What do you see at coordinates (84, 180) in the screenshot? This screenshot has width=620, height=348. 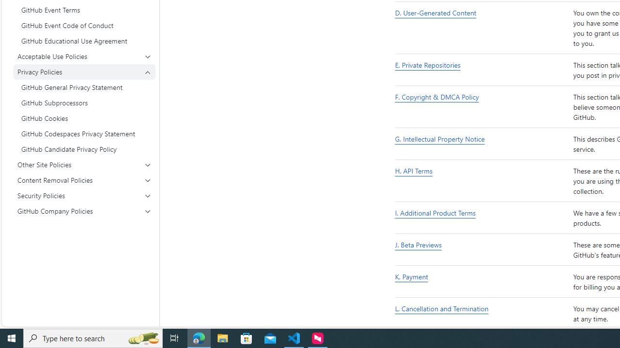 I see `'Content Removal Policies'` at bounding box center [84, 180].